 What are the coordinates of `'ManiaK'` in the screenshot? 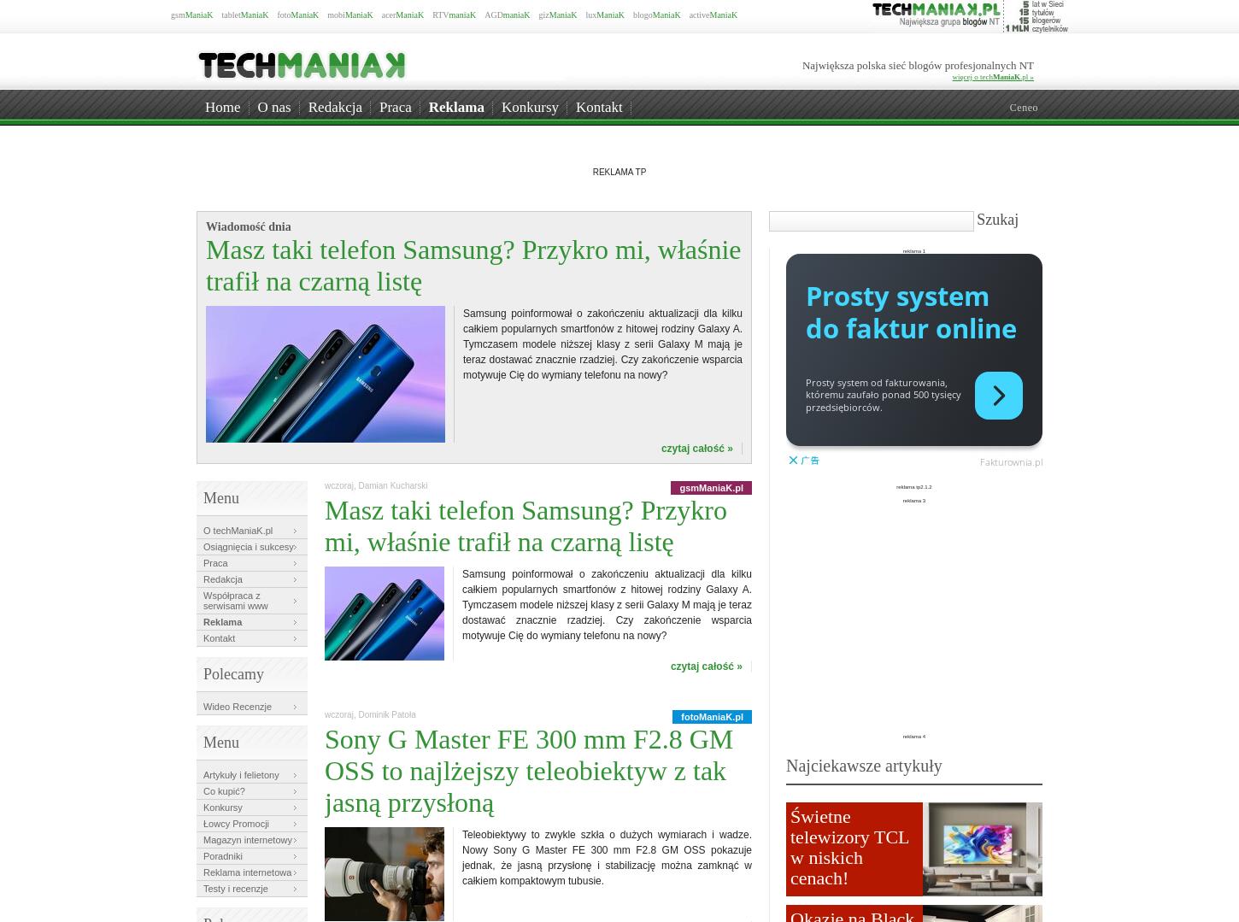 It's located at (991, 76).